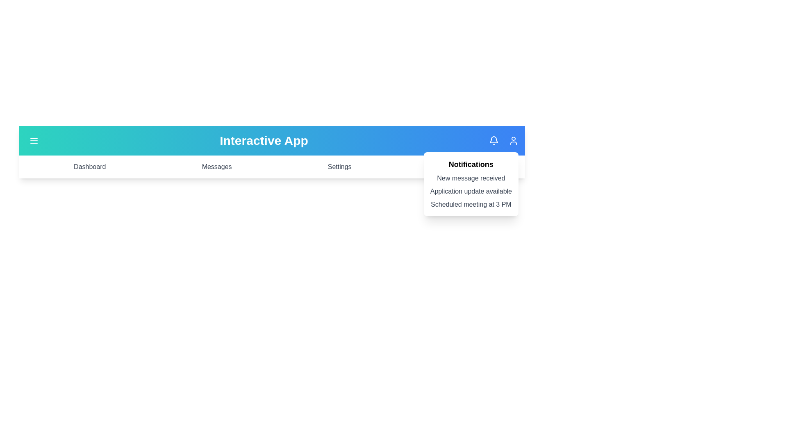  What do you see at coordinates (216, 167) in the screenshot?
I see `the menu item Messages from the app bar` at bounding box center [216, 167].